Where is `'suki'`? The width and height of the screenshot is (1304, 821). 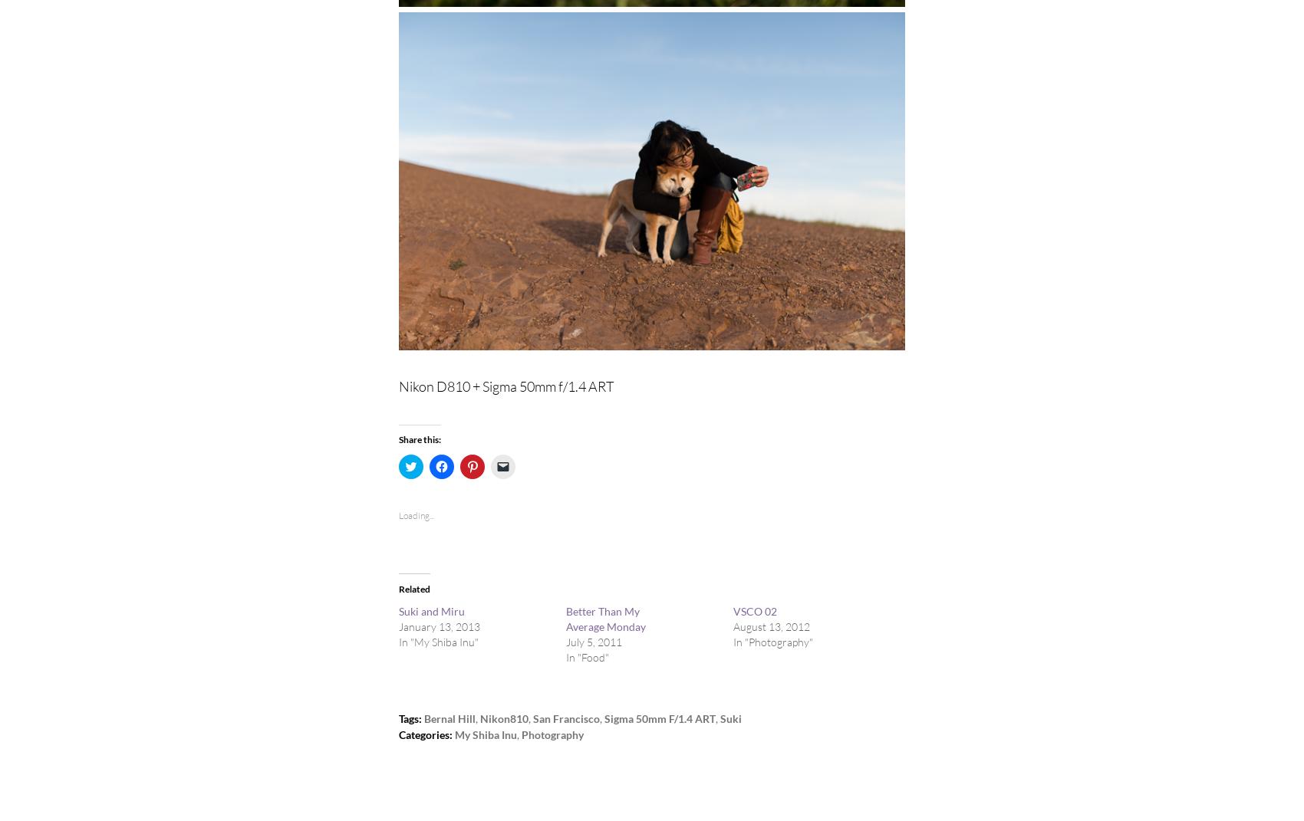
'suki' is located at coordinates (731, 718).